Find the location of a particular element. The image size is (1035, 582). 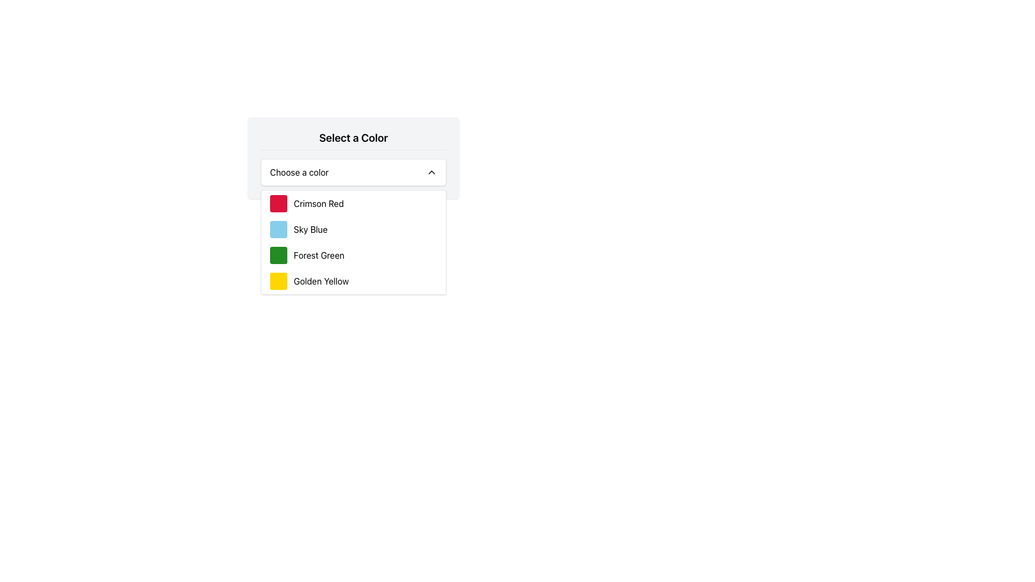

the Drop-down Menu titled 'Select a Color' is located at coordinates (354, 158).